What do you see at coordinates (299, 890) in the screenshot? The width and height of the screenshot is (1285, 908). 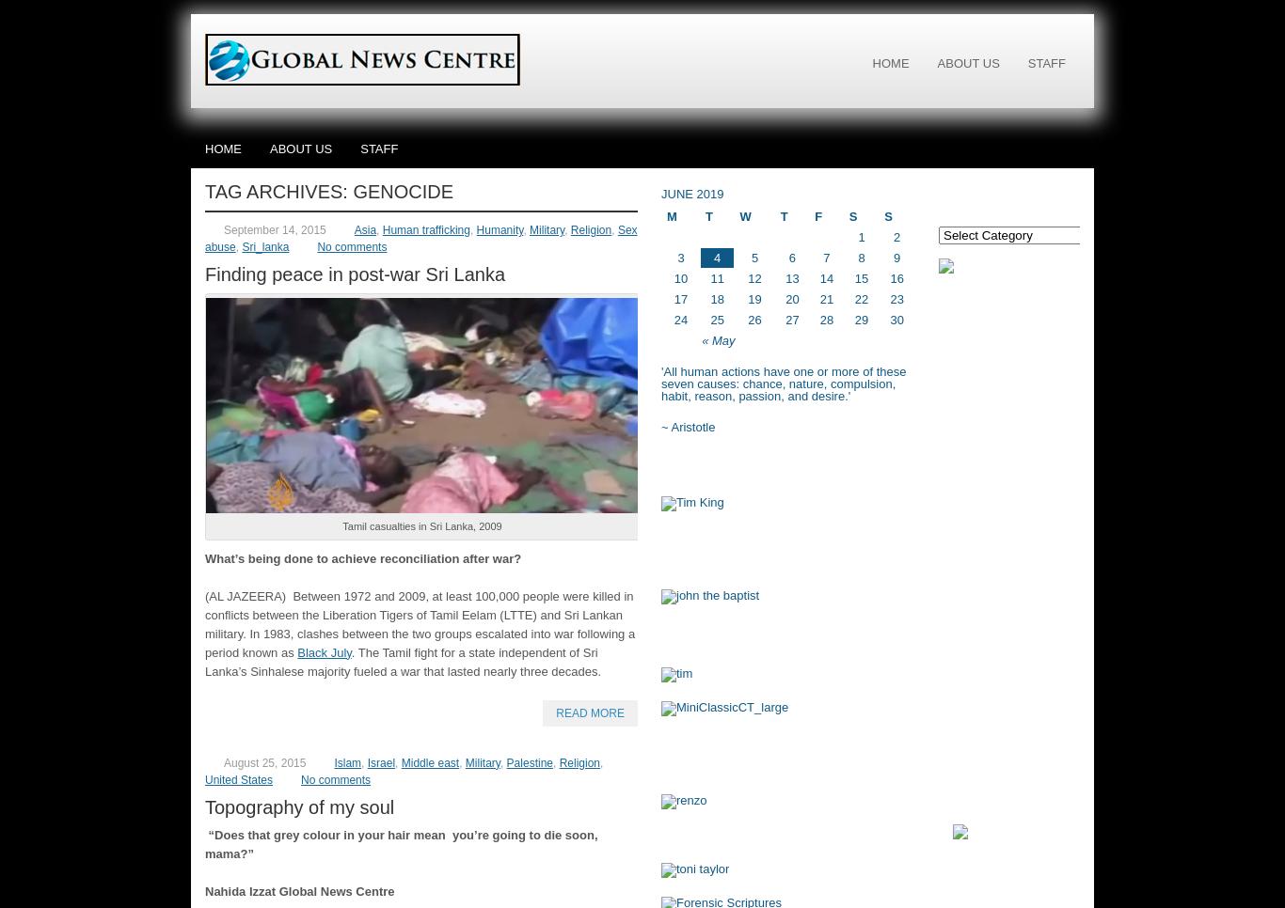 I see `'Nahida Izzat Global News Centre'` at bounding box center [299, 890].